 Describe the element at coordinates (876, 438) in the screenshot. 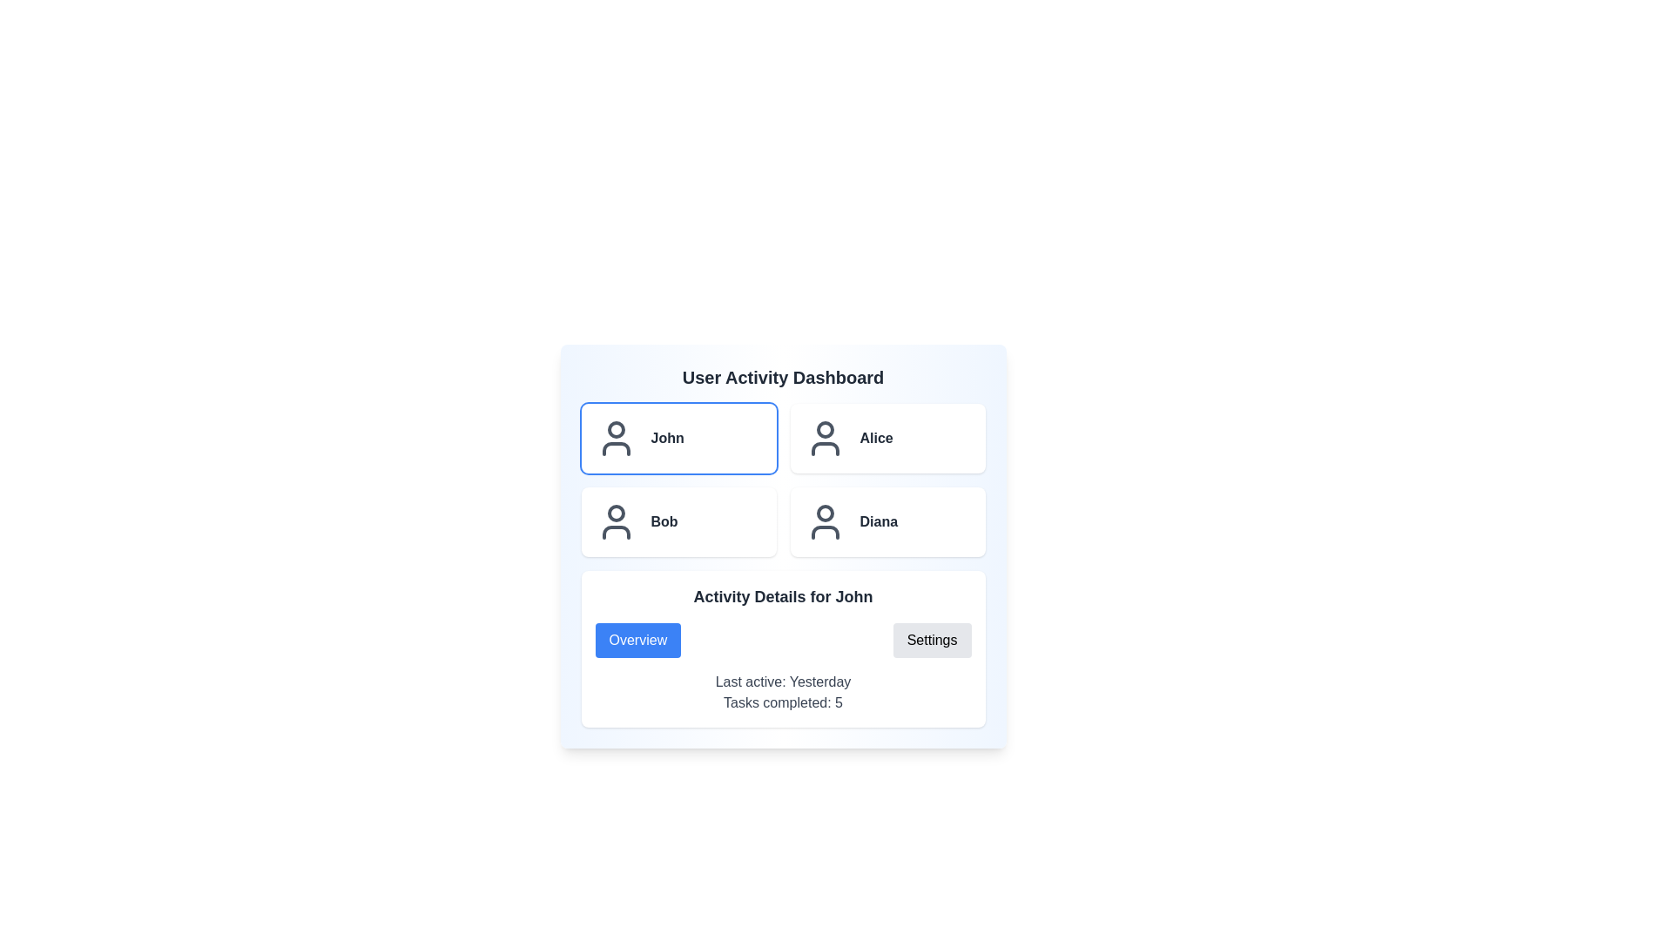

I see `text displayed in the 'Alice' label, which is associated with a user card in the dashboard interface` at that location.